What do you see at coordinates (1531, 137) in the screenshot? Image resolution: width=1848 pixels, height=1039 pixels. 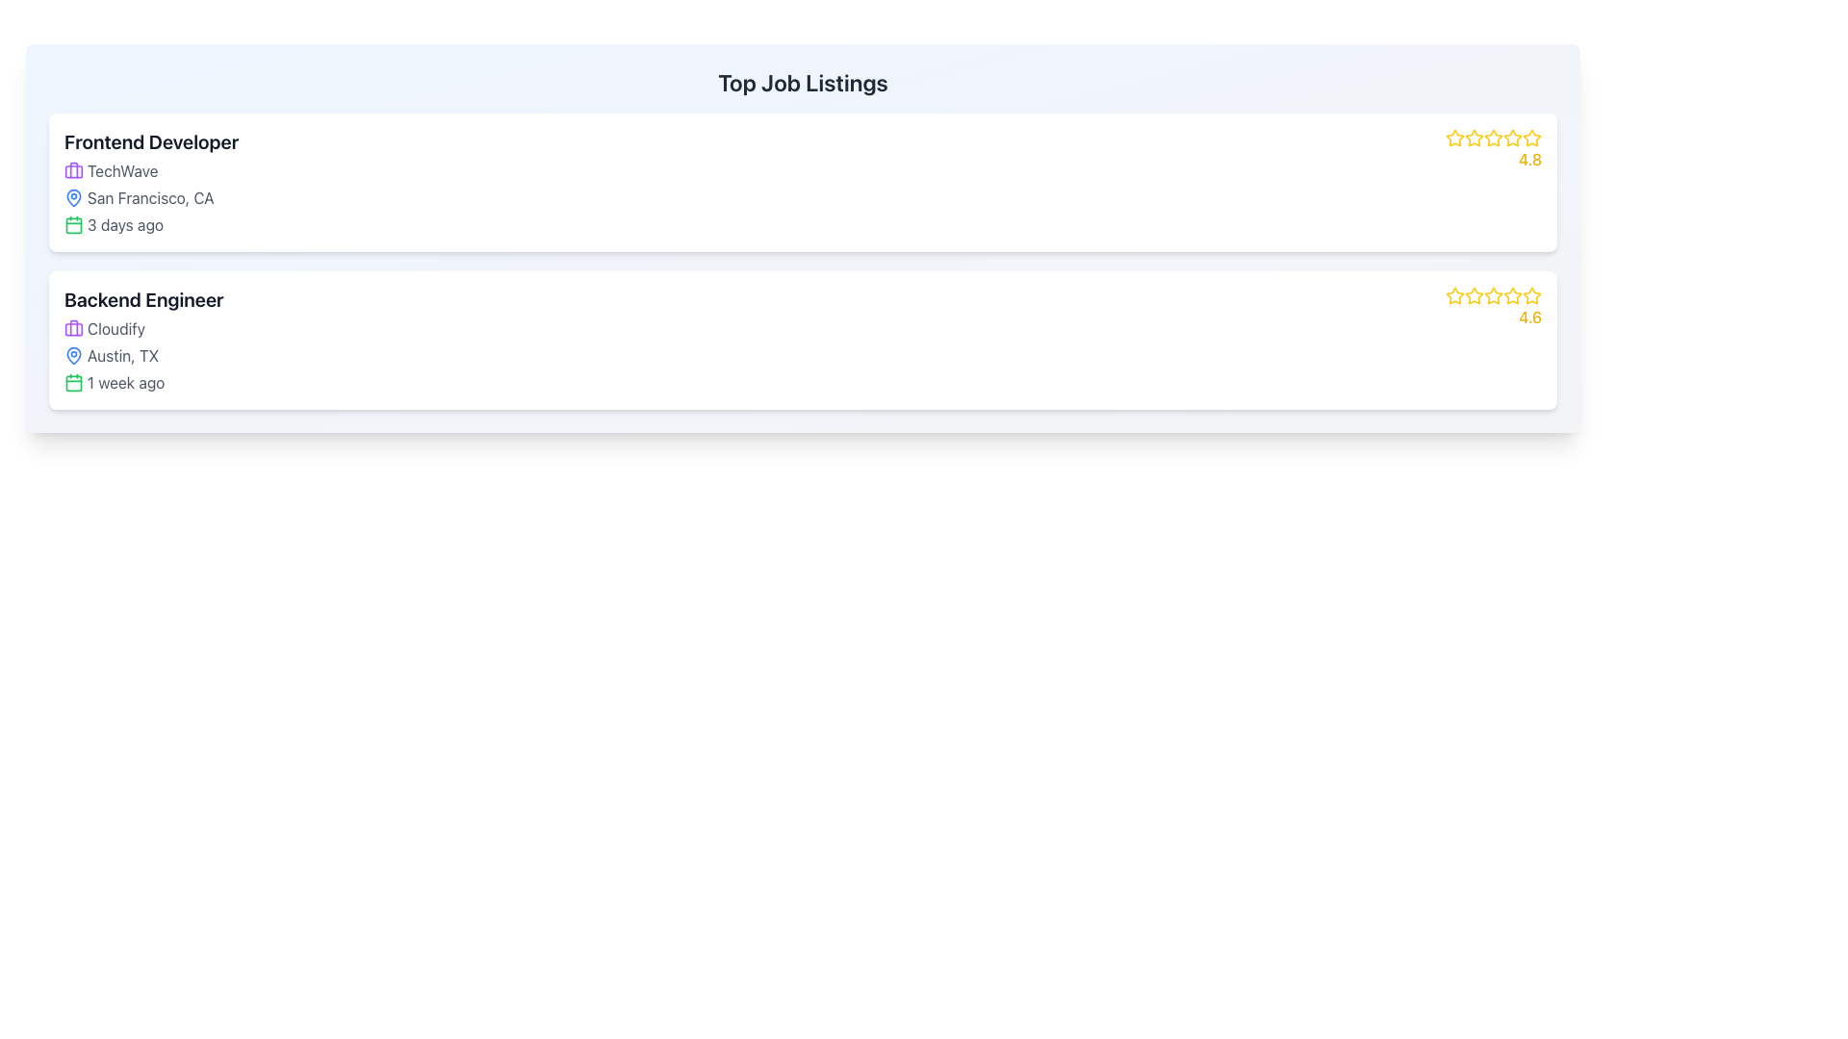 I see `the fifth yellow star icon with a hollow center in the rating component of the Frontend Developer job listing to interact with the rating system` at bounding box center [1531, 137].